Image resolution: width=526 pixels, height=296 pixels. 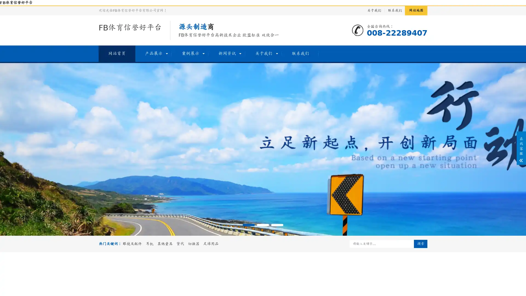 I want to click on Go to slide 1, so click(x=248, y=225).